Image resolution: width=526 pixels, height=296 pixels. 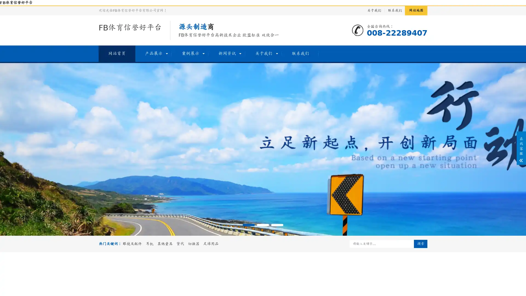 I want to click on Go to slide 1, so click(x=248, y=225).